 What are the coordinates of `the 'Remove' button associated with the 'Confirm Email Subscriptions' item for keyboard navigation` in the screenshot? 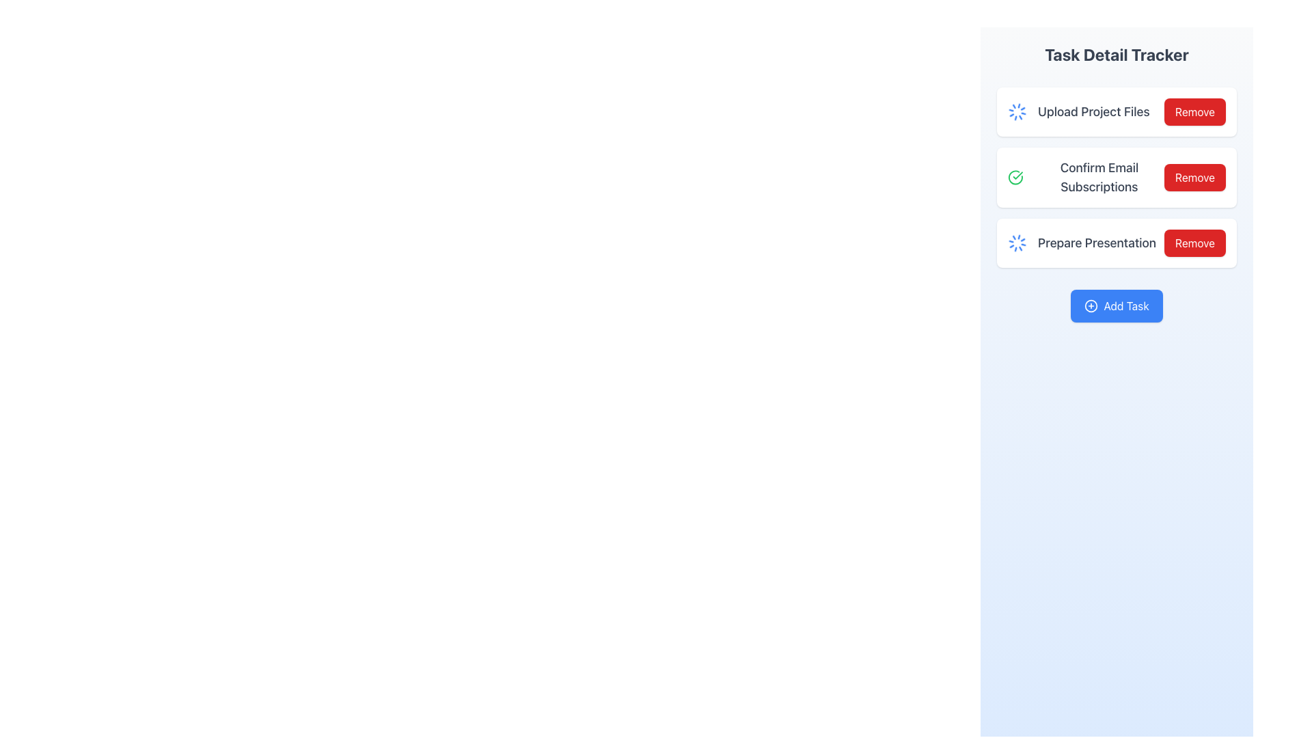 It's located at (1194, 176).